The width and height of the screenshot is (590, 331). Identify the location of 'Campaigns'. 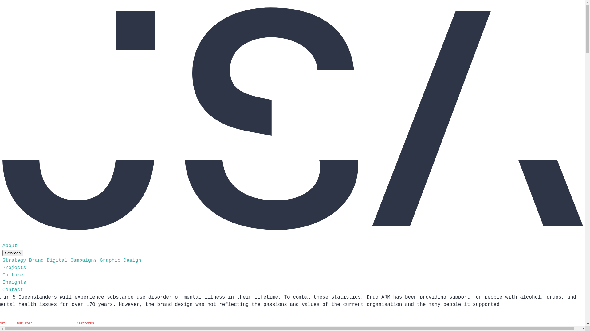
(83, 260).